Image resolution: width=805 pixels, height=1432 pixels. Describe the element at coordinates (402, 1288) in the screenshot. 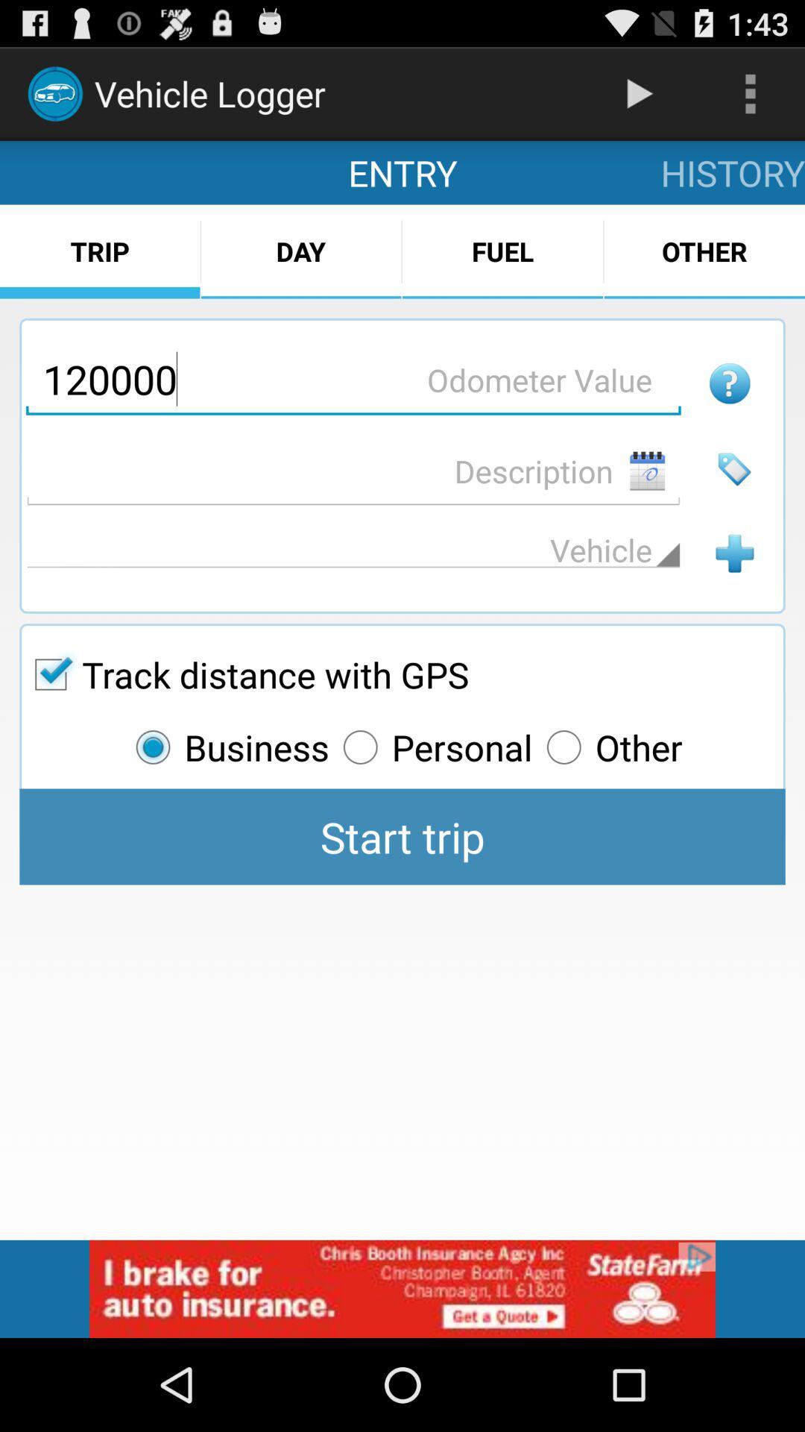

I see `advertisement banner` at that location.